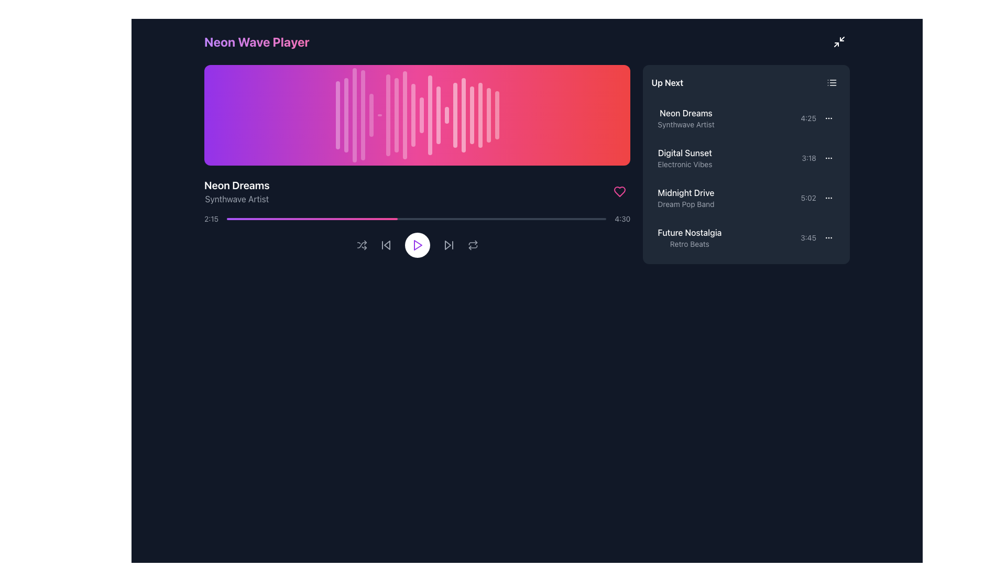 The image size is (1006, 566). I want to click on on the 'Future Nostalgia' text element in the 'Up Next' section, which consists of the title and subtitle stacked vertically, so click(690, 238).